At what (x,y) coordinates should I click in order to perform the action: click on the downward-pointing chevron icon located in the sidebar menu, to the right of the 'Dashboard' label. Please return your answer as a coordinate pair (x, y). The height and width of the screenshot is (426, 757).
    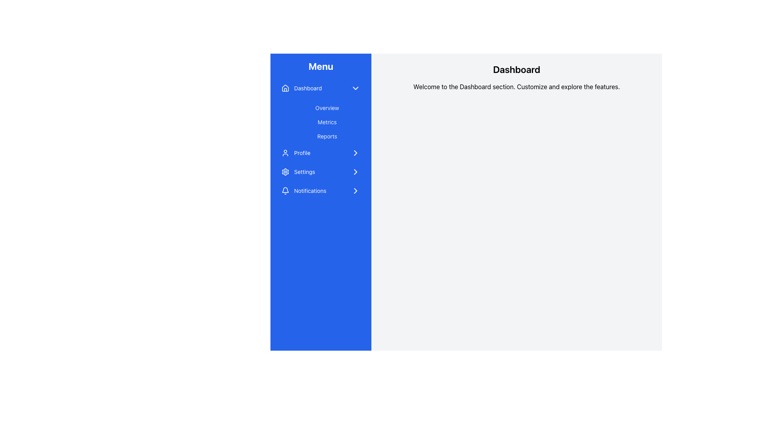
    Looking at the image, I should click on (355, 88).